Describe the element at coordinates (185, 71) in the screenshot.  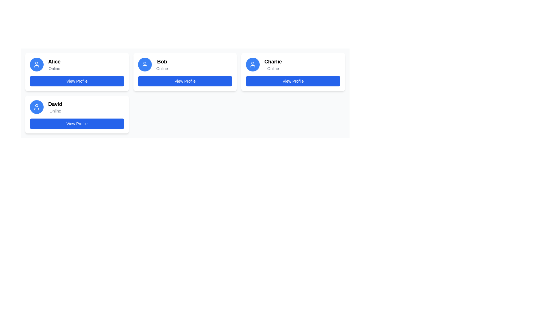
I see `the 'View Profile' button on Bob's profile card, which is the second card in the horizontal grid layout` at that location.